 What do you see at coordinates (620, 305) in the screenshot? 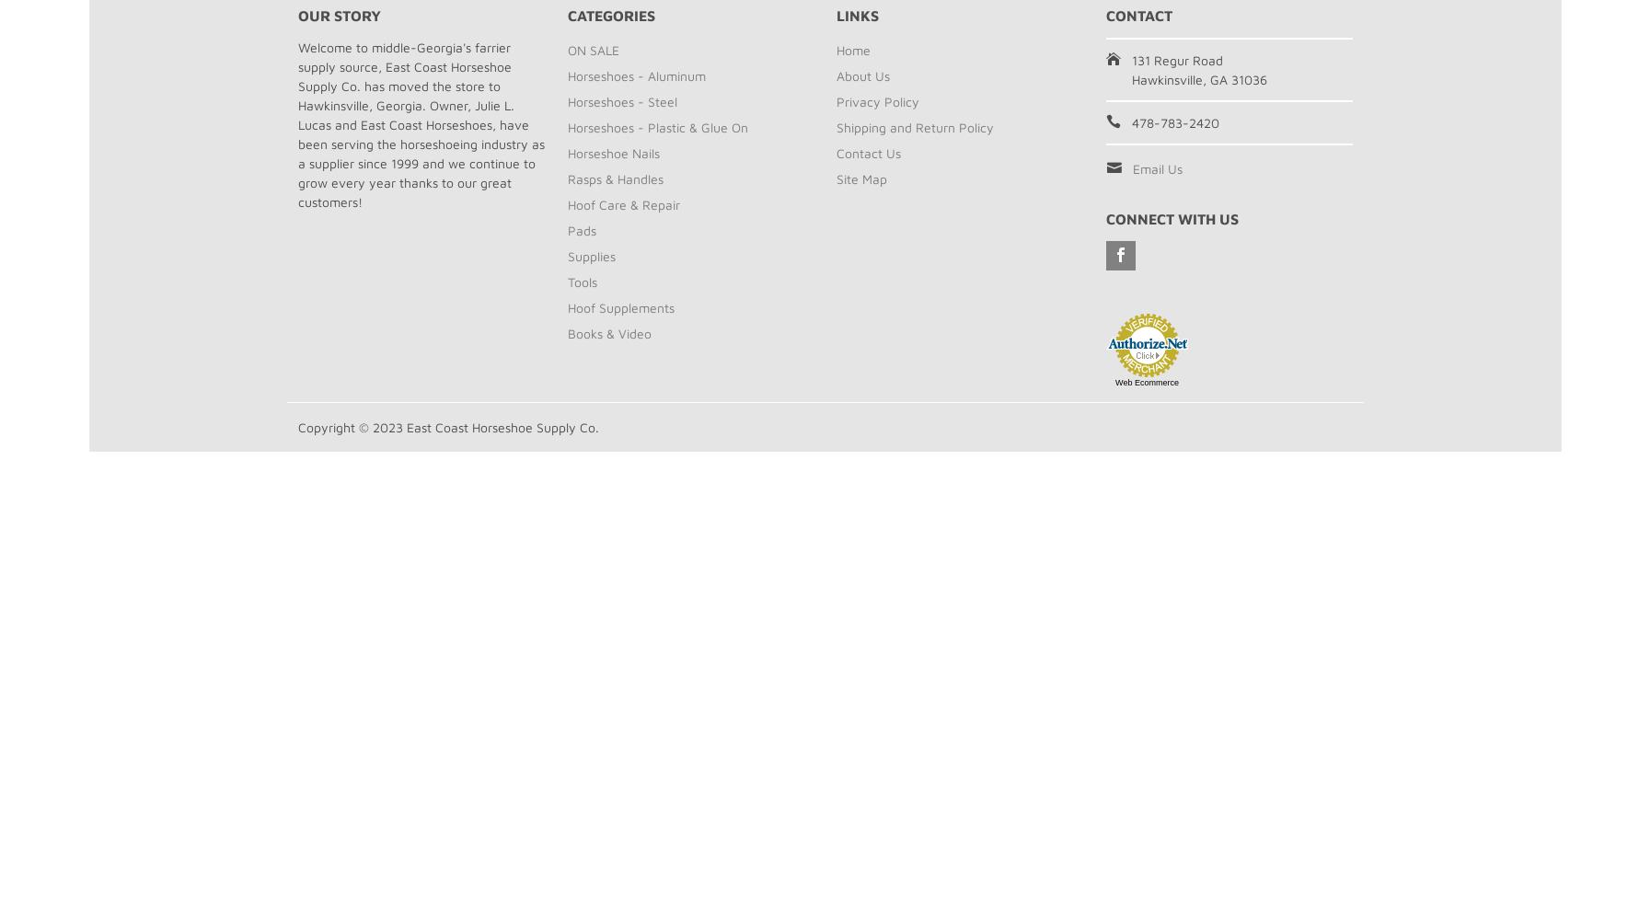
I see `'Hoof Supplements'` at bounding box center [620, 305].